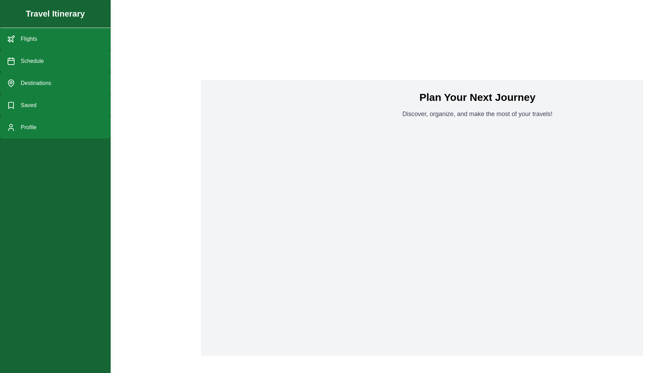 This screenshot has width=664, height=373. What do you see at coordinates (11, 39) in the screenshot?
I see `the airplane icon in the left-side navigation menu` at bounding box center [11, 39].